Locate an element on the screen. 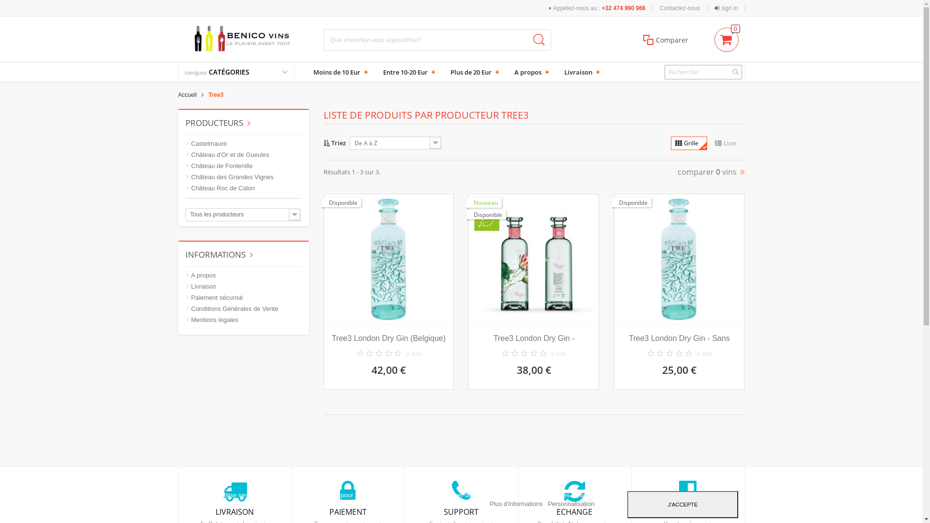  'Personnalisation' is located at coordinates (548, 503).